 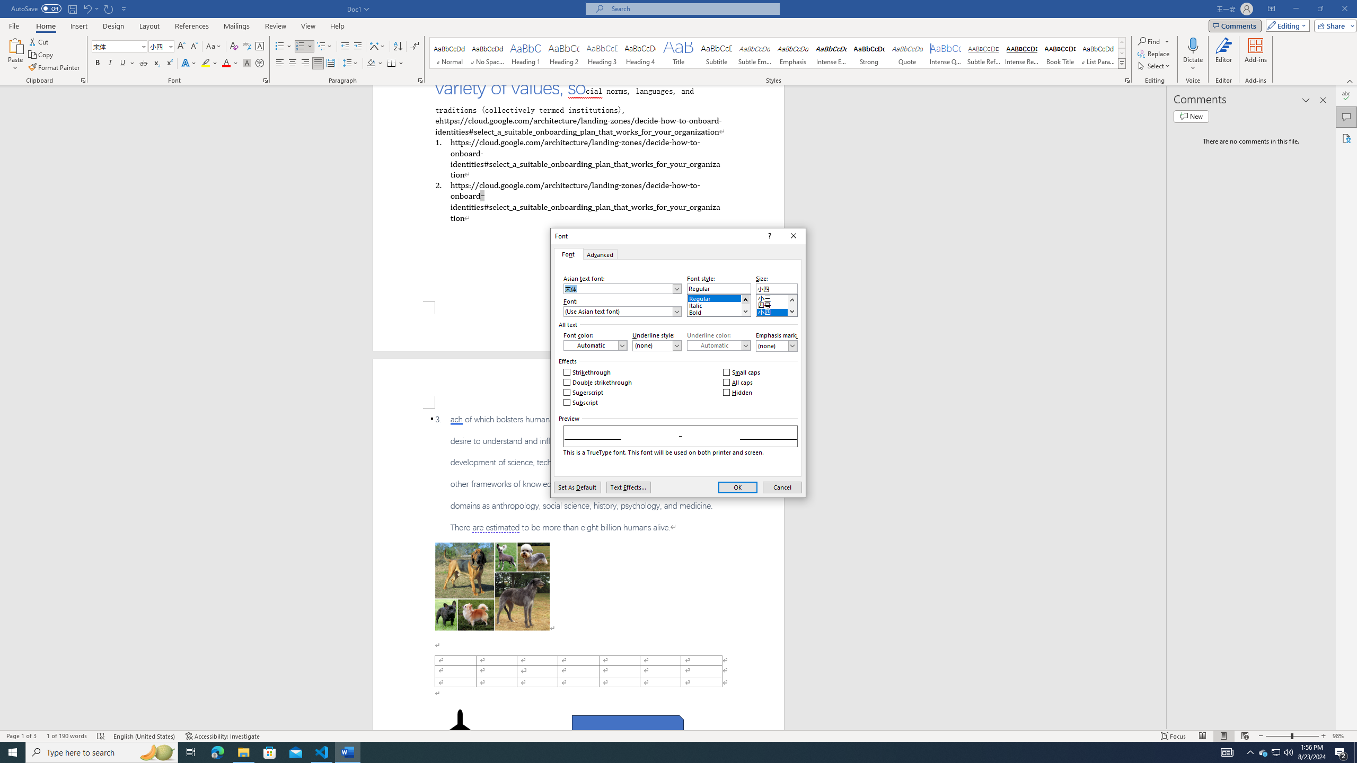 I want to click on 'Subtle Emphasis', so click(x=754, y=52).